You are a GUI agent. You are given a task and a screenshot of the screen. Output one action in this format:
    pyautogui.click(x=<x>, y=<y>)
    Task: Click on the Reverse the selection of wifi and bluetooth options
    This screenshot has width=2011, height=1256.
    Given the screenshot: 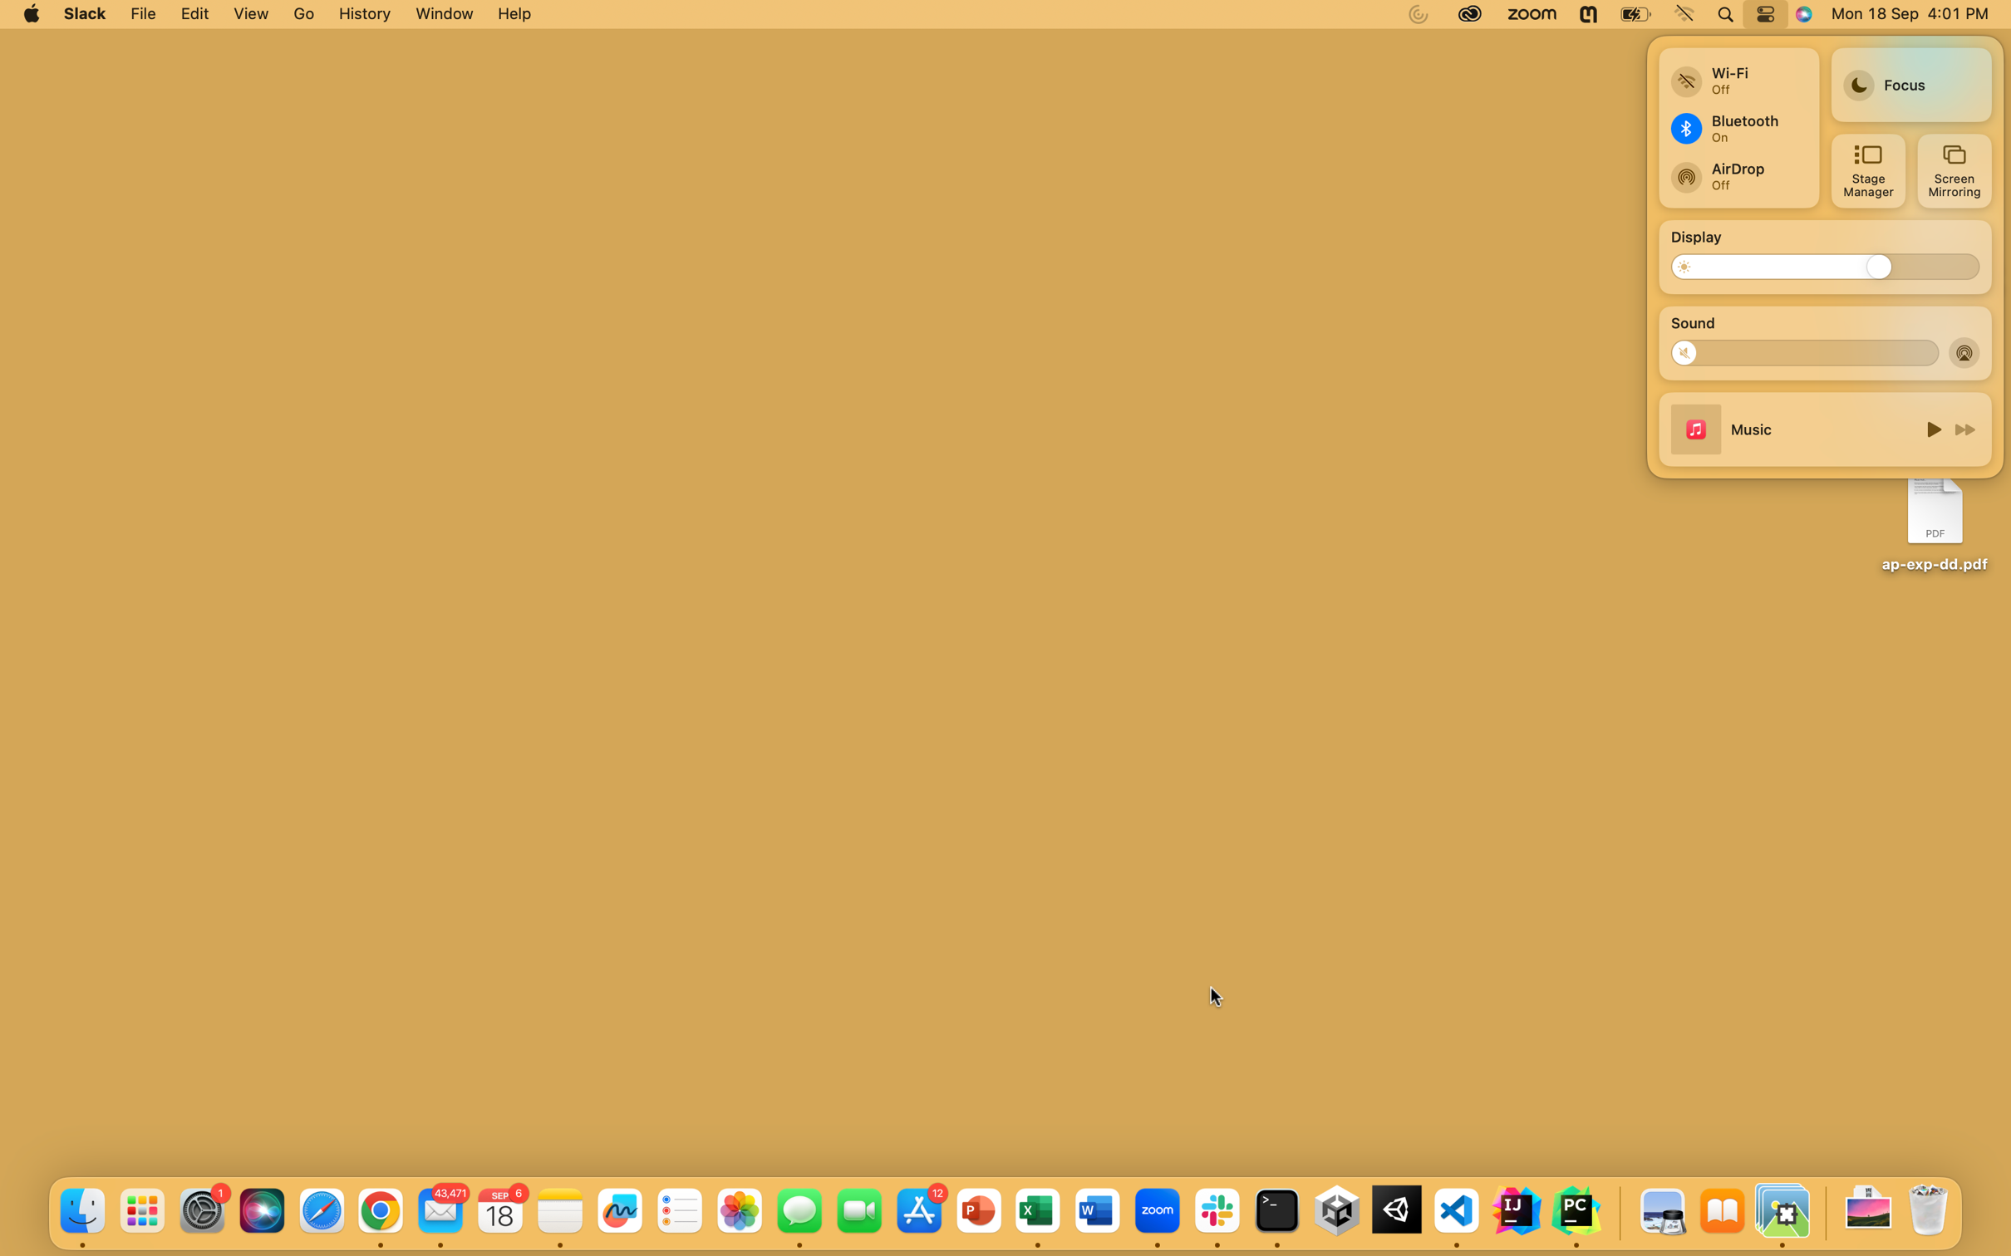 What is the action you would take?
    pyautogui.click(x=1737, y=74)
    